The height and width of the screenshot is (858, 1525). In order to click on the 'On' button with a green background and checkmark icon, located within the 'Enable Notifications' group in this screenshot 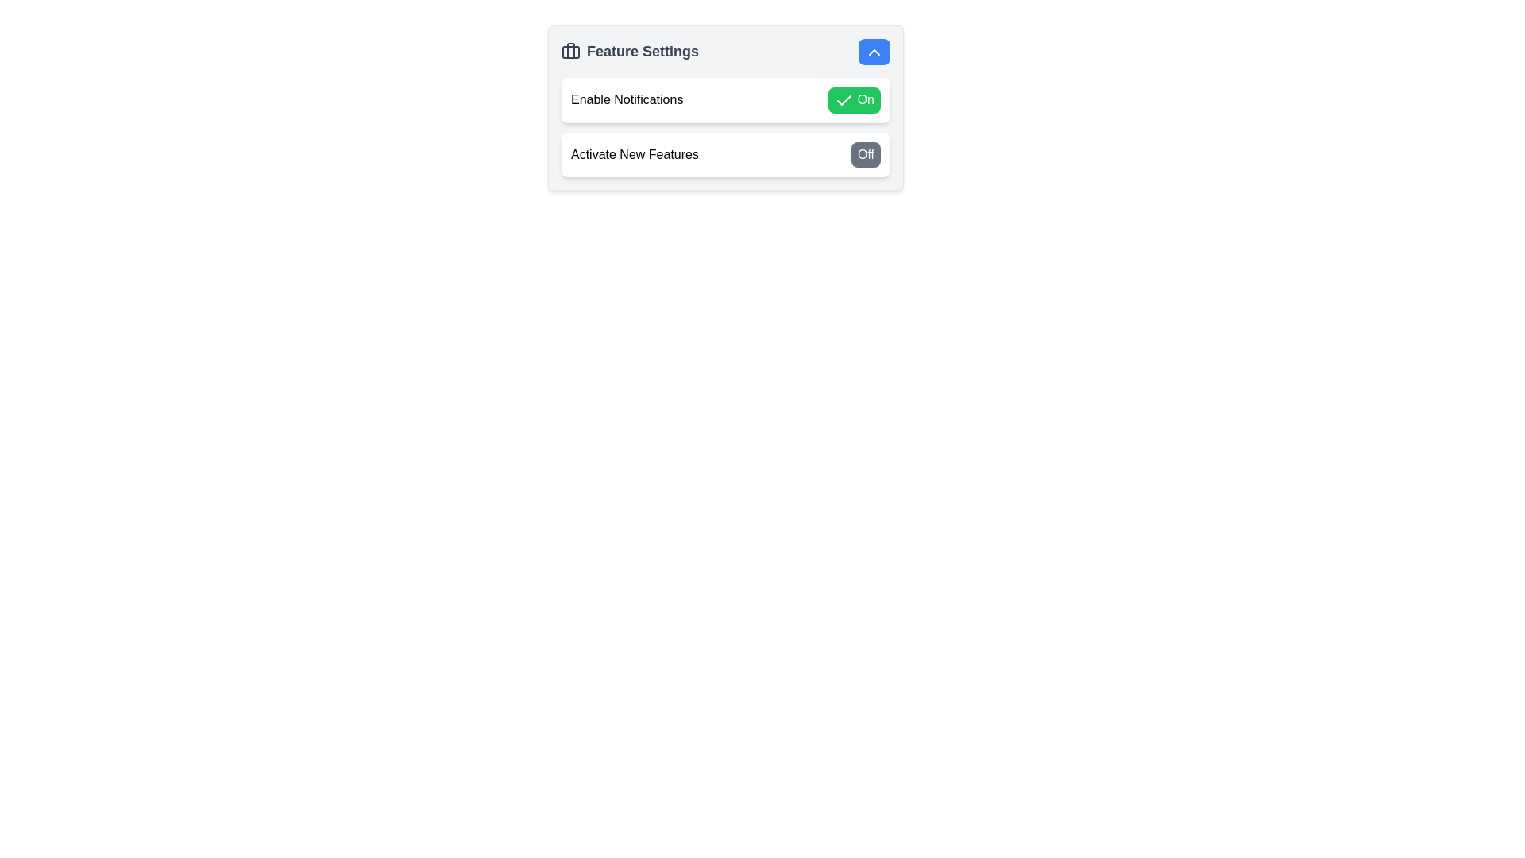, I will do `click(854, 100)`.